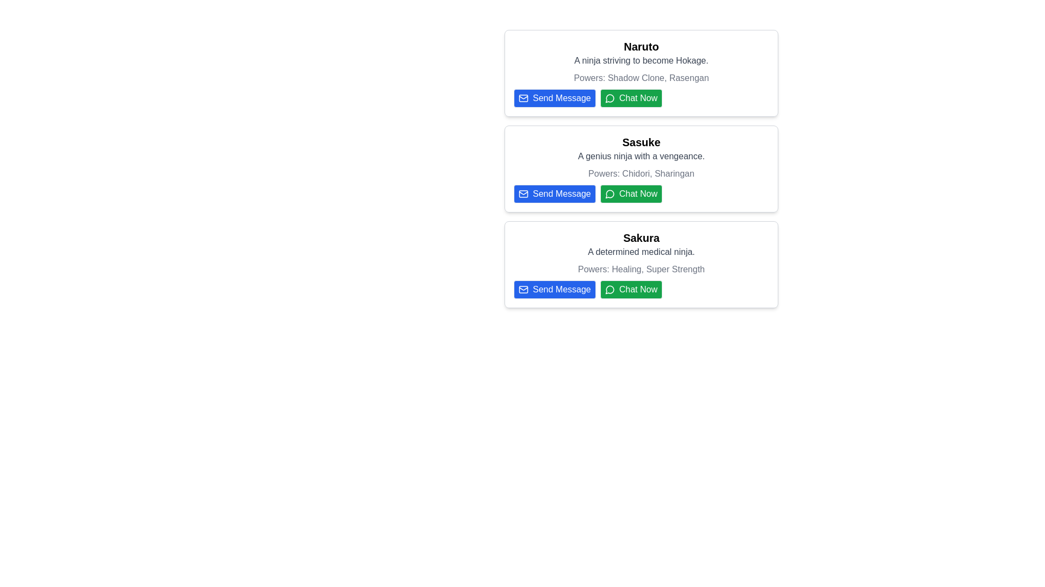 Image resolution: width=1045 pixels, height=587 pixels. I want to click on slanted line segment of the envelope icon, which is positioned to the left of the 'Send Message' button, using the developer tools, so click(523, 288).